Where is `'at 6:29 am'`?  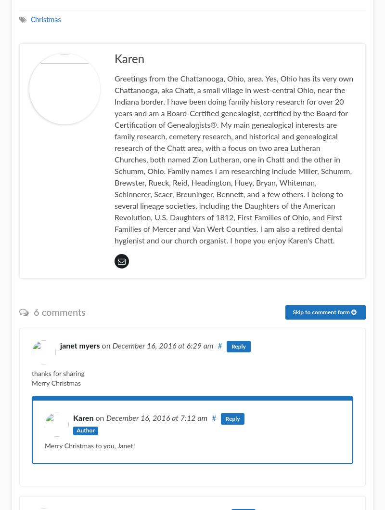
'at 6:29 am' is located at coordinates (195, 346).